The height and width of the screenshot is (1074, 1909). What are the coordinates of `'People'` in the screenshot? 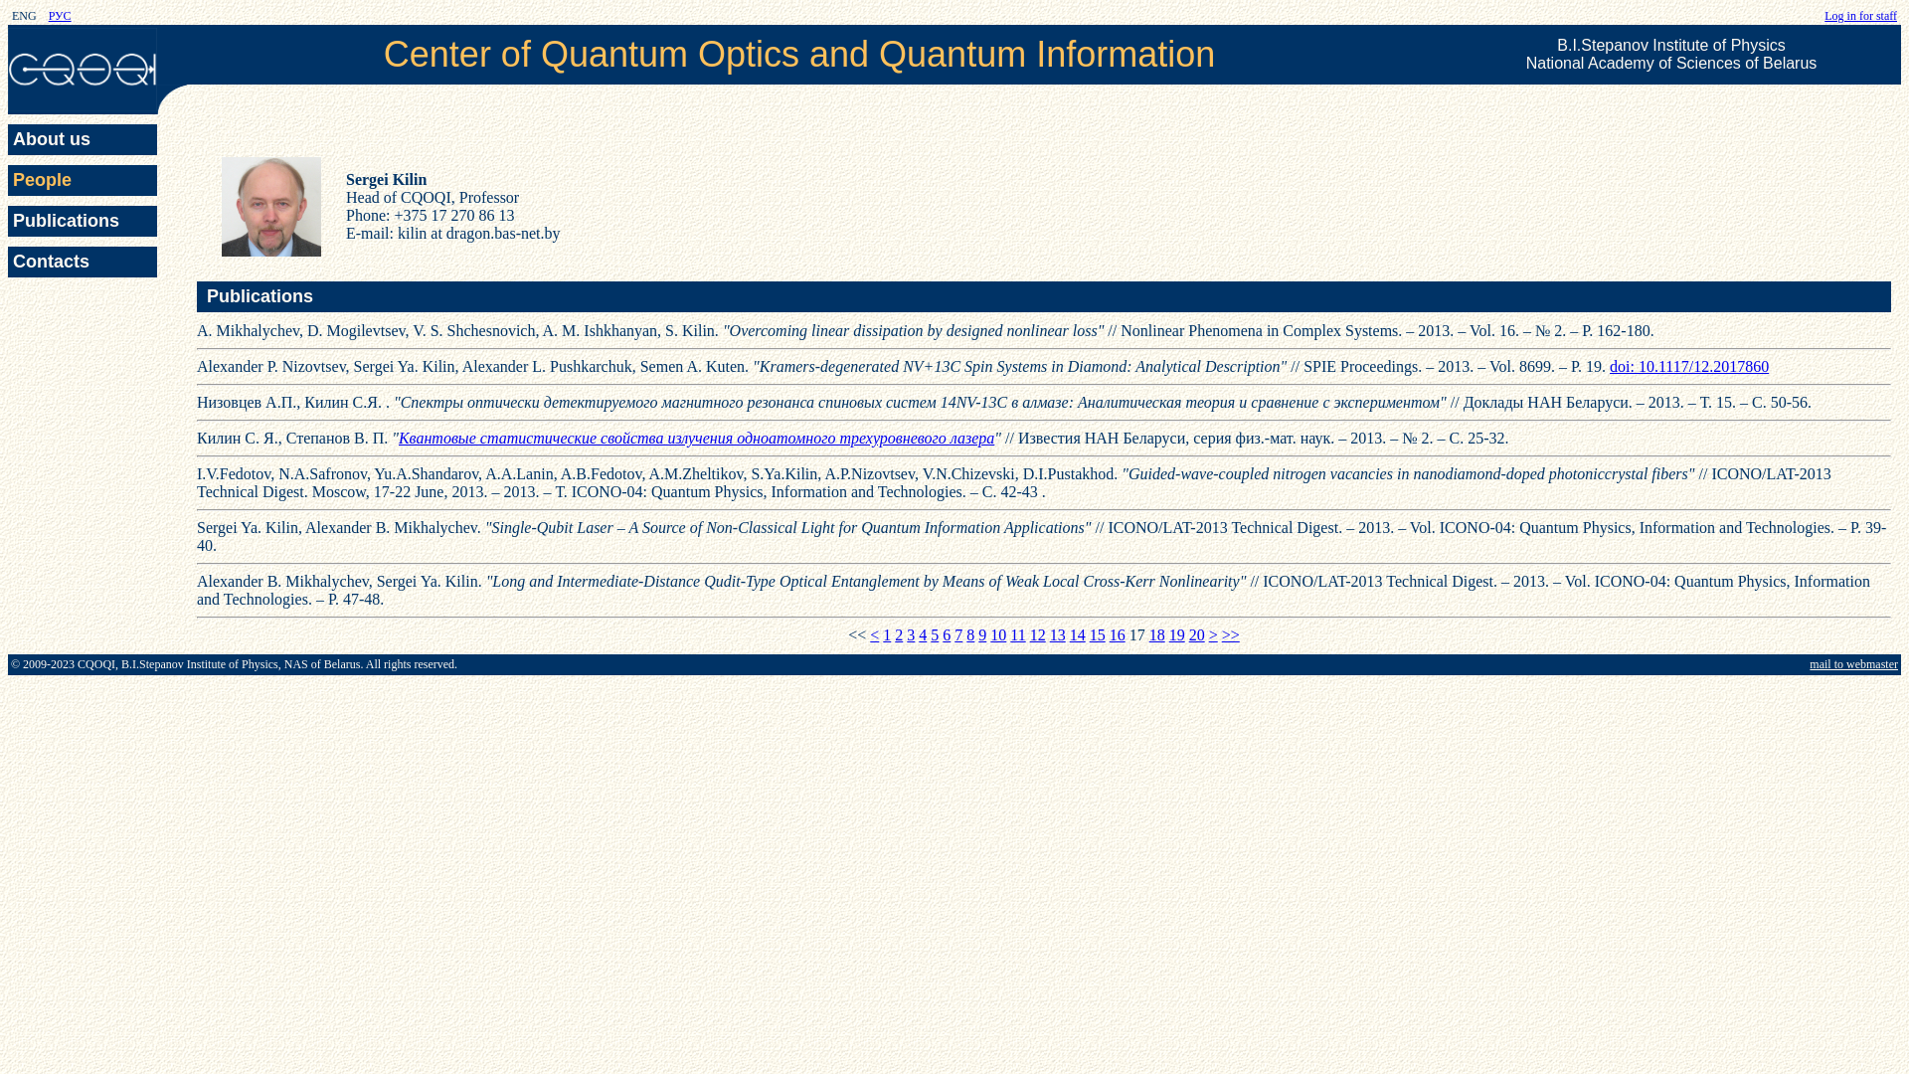 It's located at (8, 180).